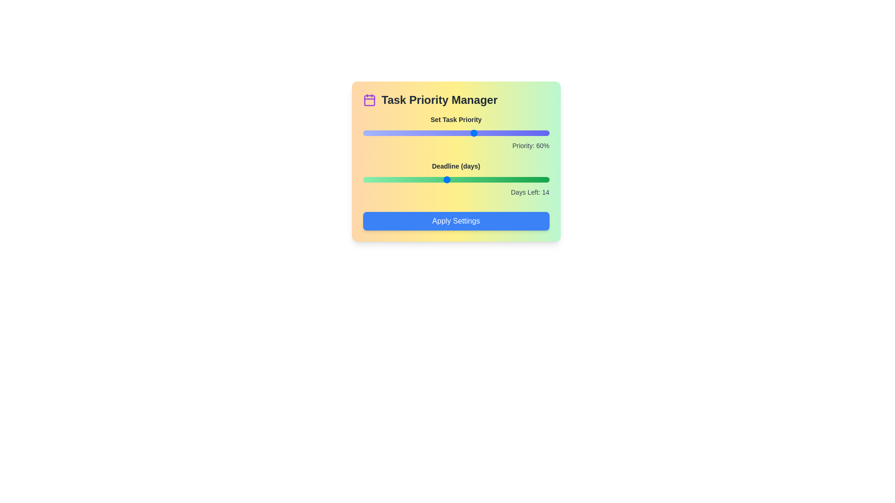 The width and height of the screenshot is (895, 503). I want to click on the deadline slider to set the deadline to 5 days, so click(388, 179).